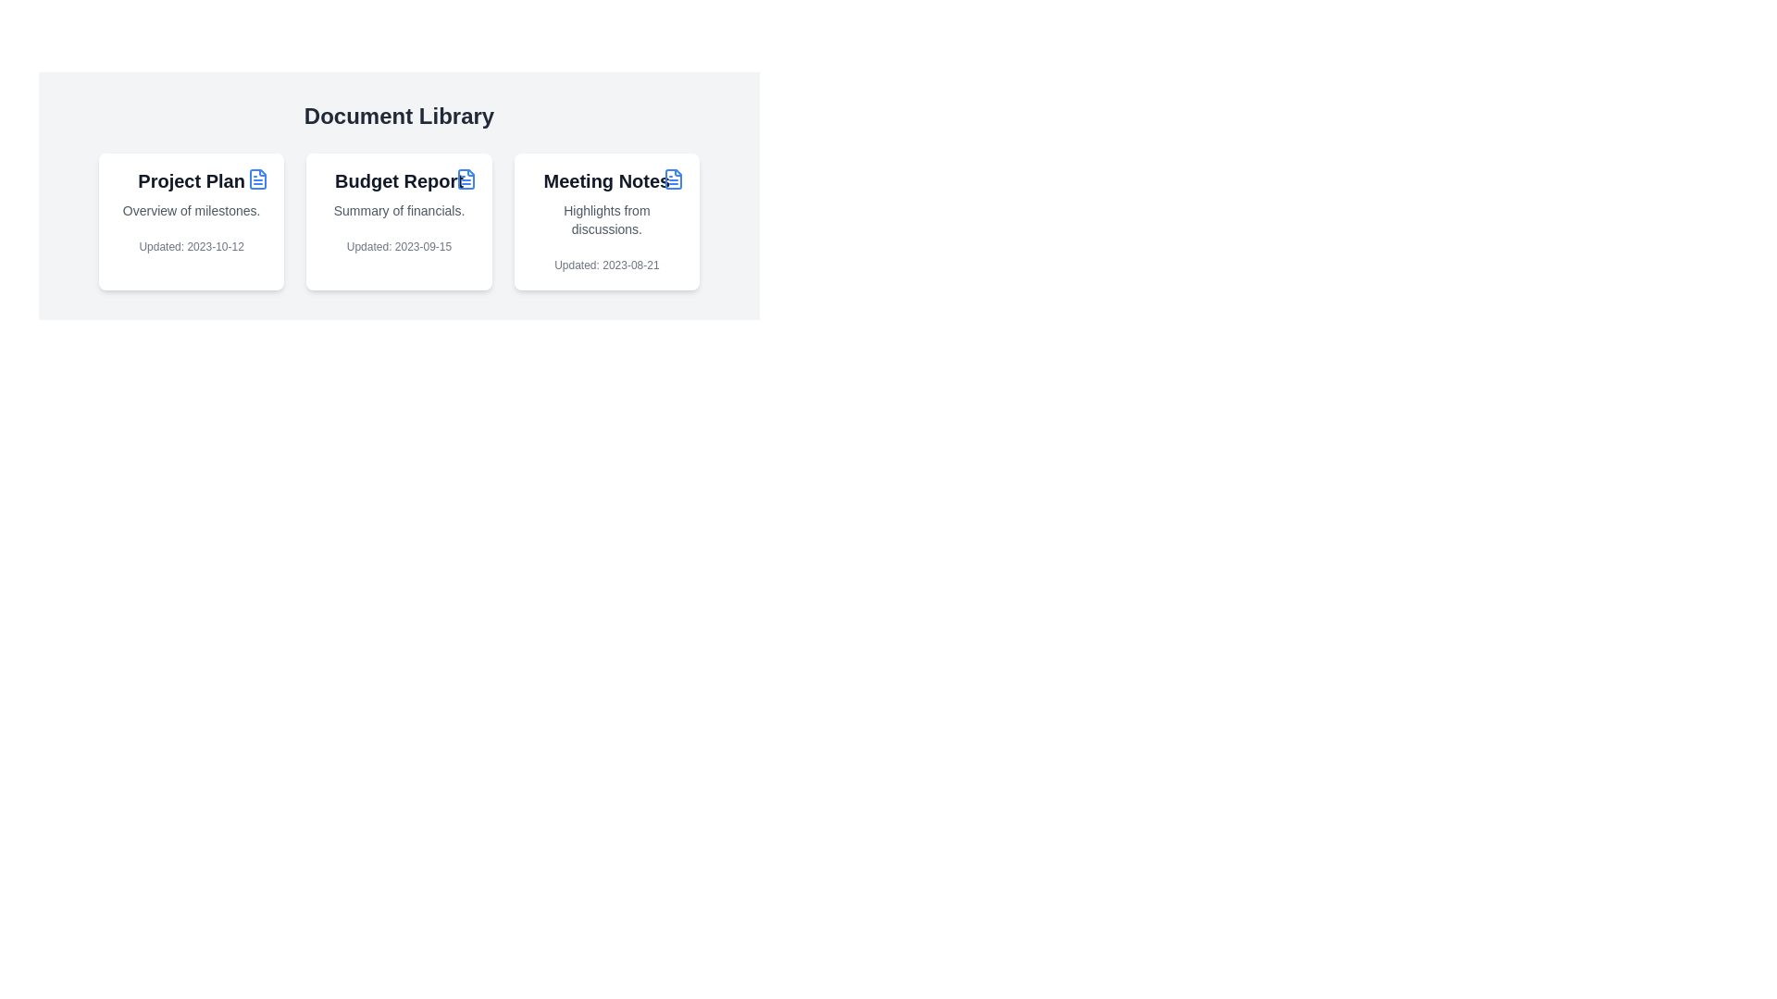 The width and height of the screenshot is (1777, 999). I want to click on the document file icon located in the first document card of the 'Document Library', so click(257, 179).